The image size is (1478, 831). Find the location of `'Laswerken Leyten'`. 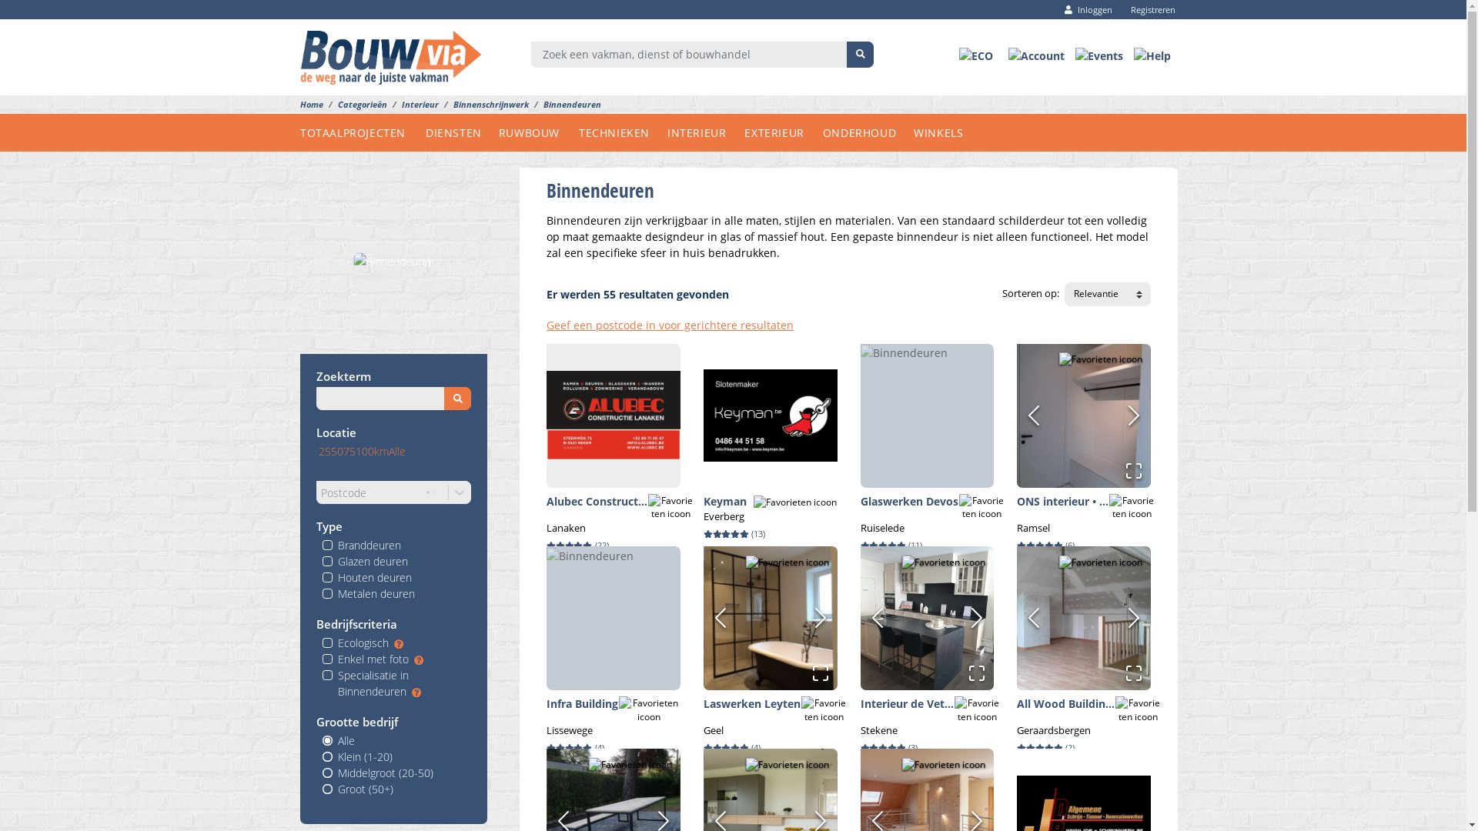

'Laswerken Leyten' is located at coordinates (752, 703).